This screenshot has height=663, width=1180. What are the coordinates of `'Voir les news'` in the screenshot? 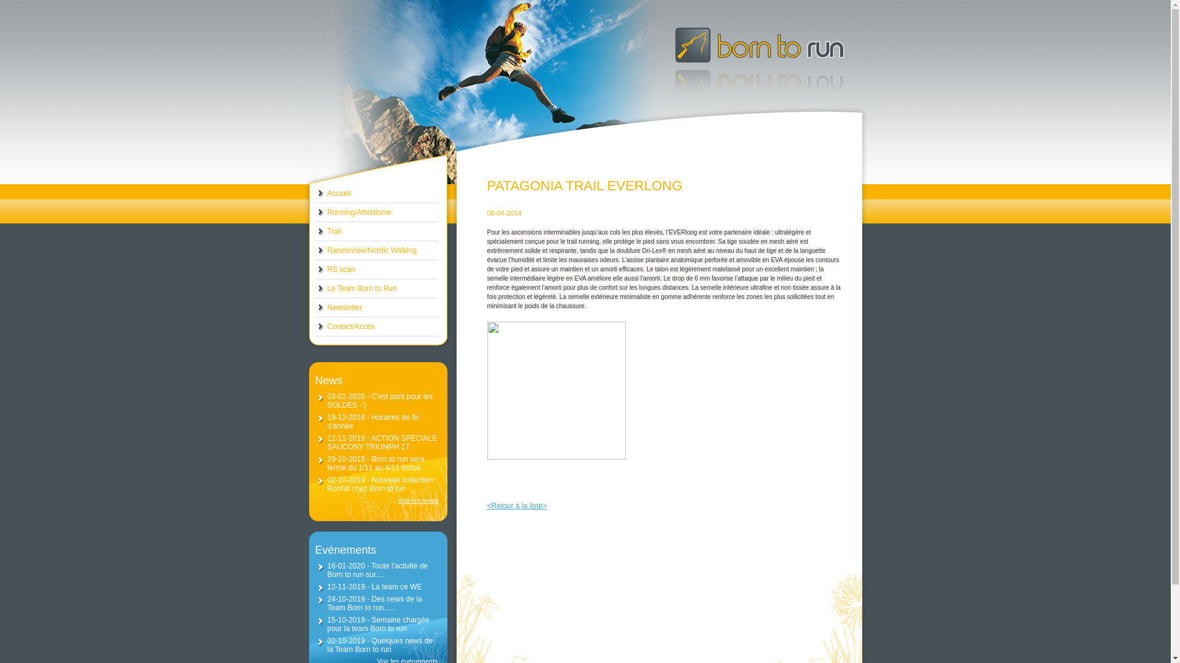 It's located at (375, 500).